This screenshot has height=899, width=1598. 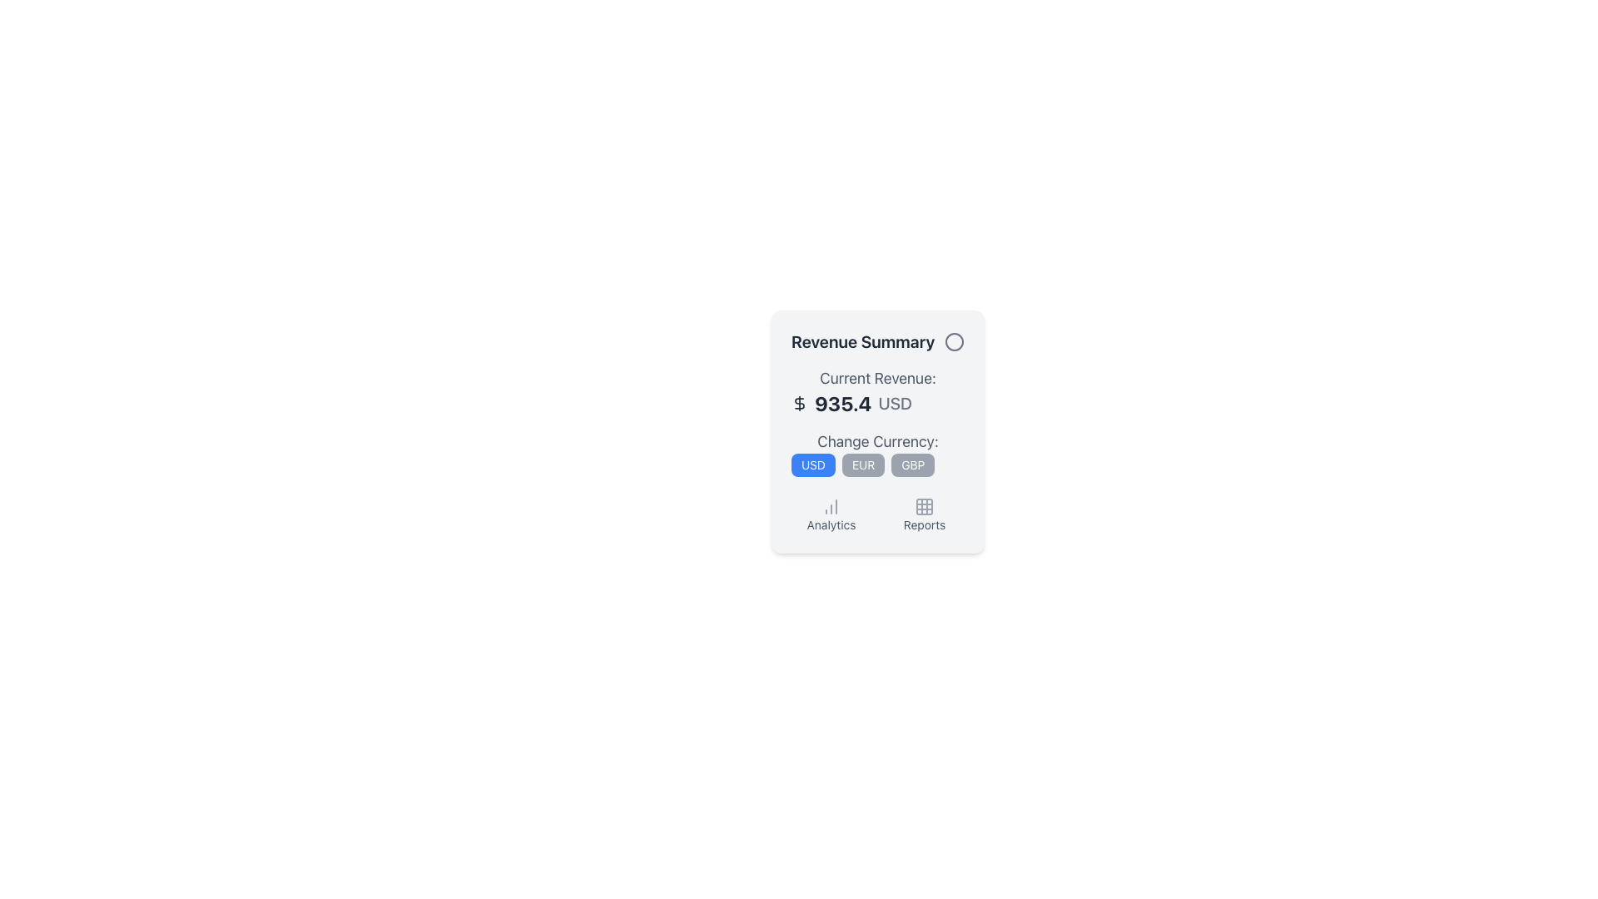 What do you see at coordinates (877, 404) in the screenshot?
I see `the Text Display element that shows the currency value '935.4 USD', which is styled with a bold font for the value and a lighter font for the currency, positioned below the 'Current Revenue:' label` at bounding box center [877, 404].